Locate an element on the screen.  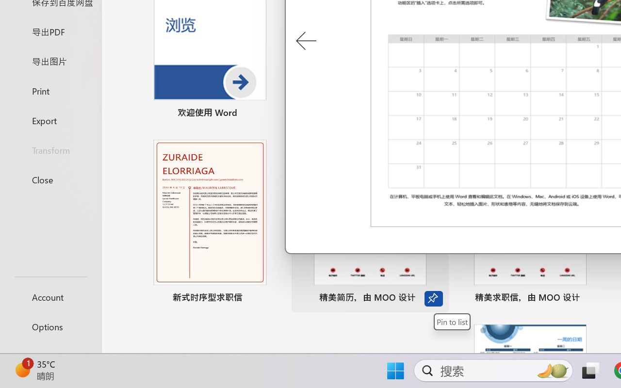
'Export' is located at coordinates (50, 120).